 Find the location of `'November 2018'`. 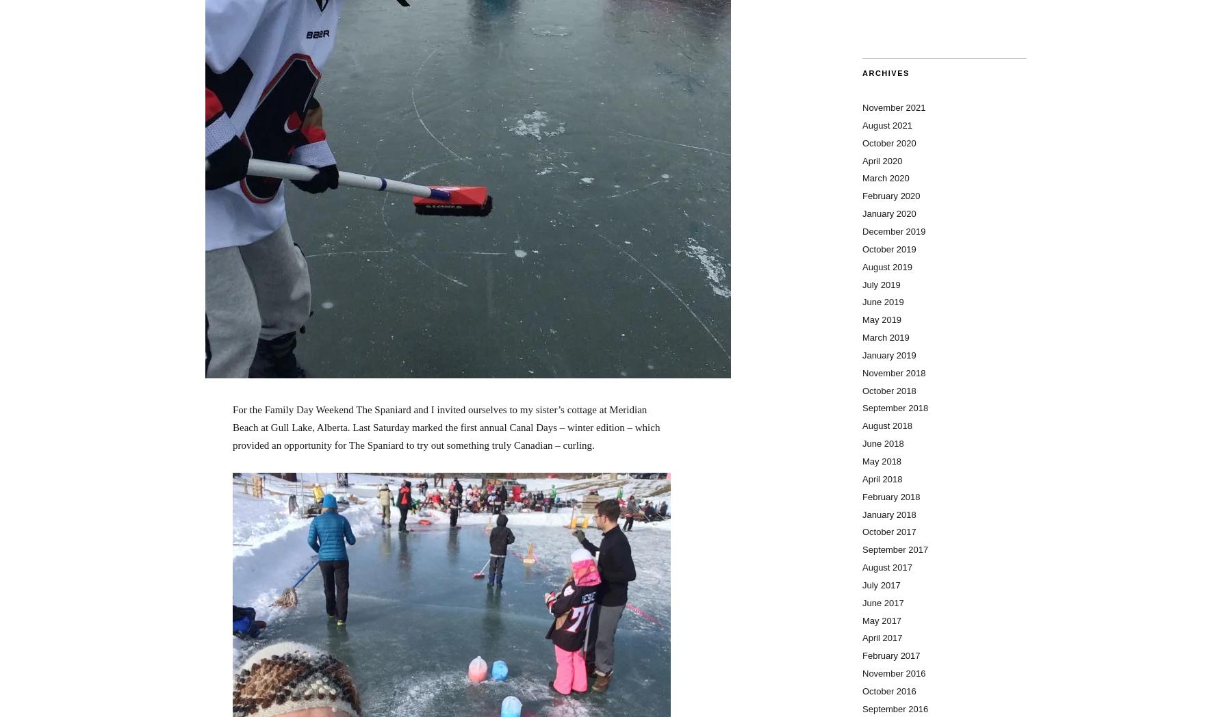

'November 2018' is located at coordinates (894, 371).